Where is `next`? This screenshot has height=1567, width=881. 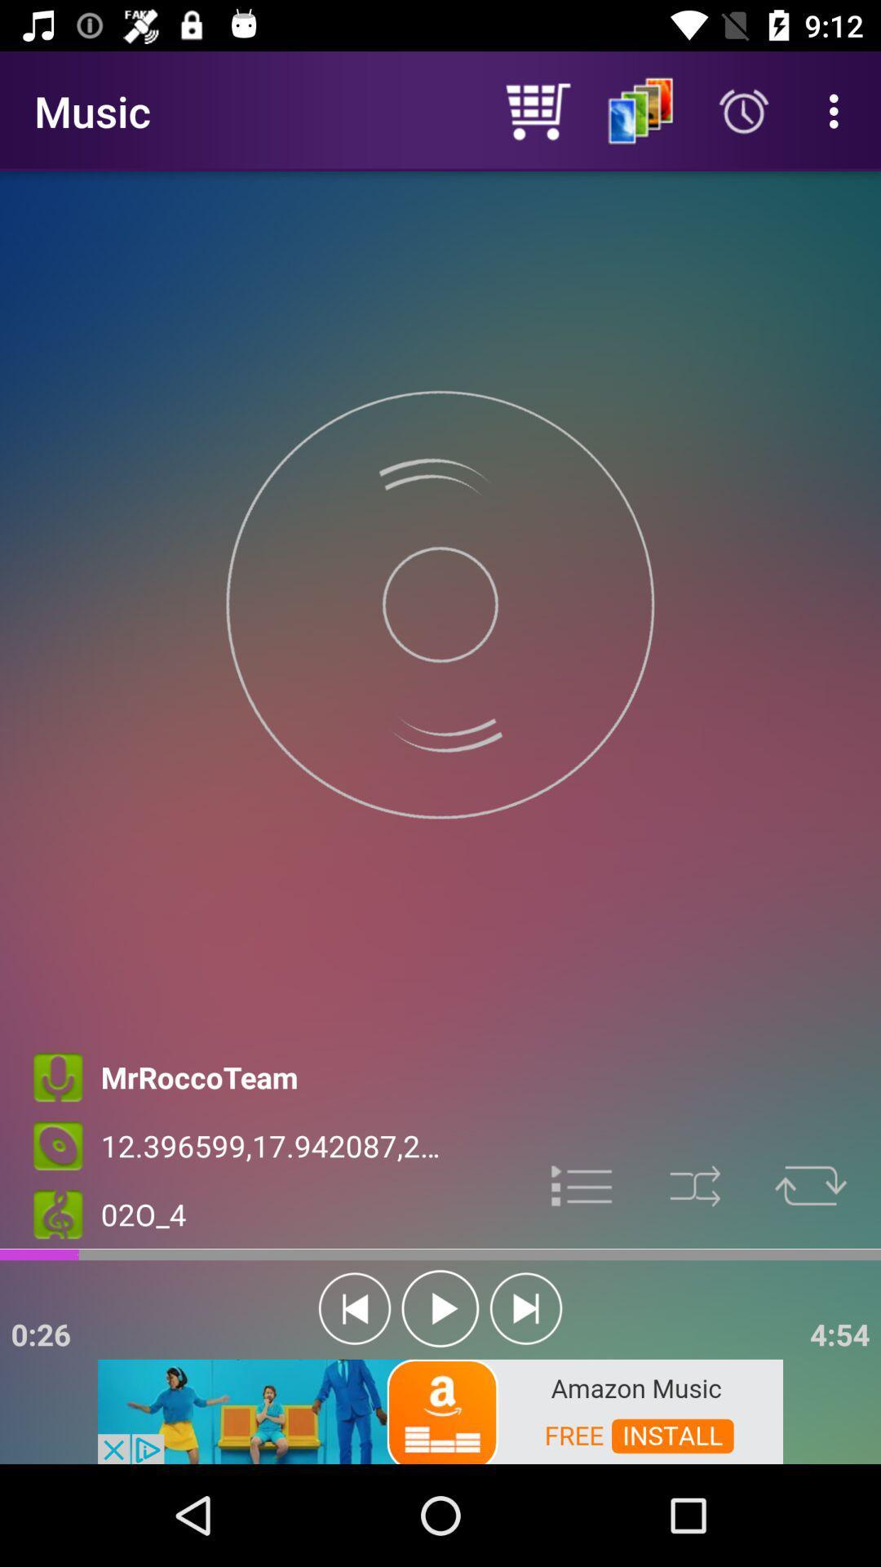 next is located at coordinates (525, 1308).